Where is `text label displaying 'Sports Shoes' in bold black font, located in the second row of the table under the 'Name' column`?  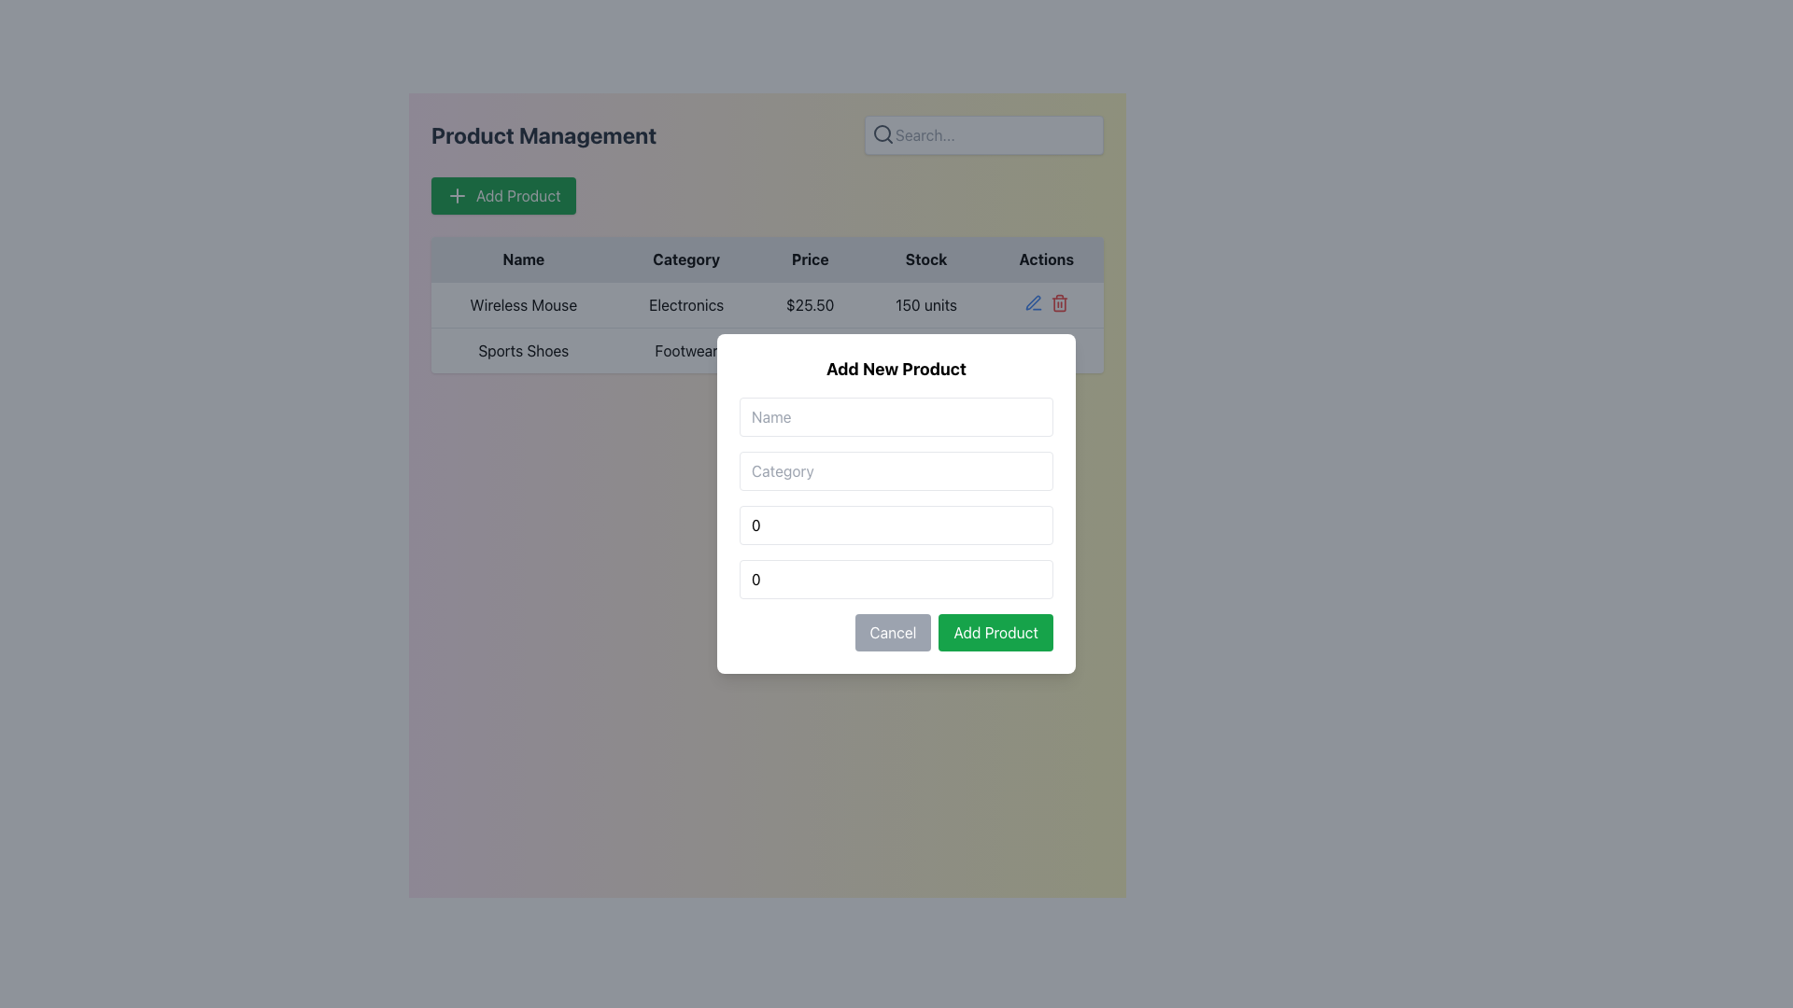 text label displaying 'Sports Shoes' in bold black font, located in the second row of the table under the 'Name' column is located at coordinates (523, 350).